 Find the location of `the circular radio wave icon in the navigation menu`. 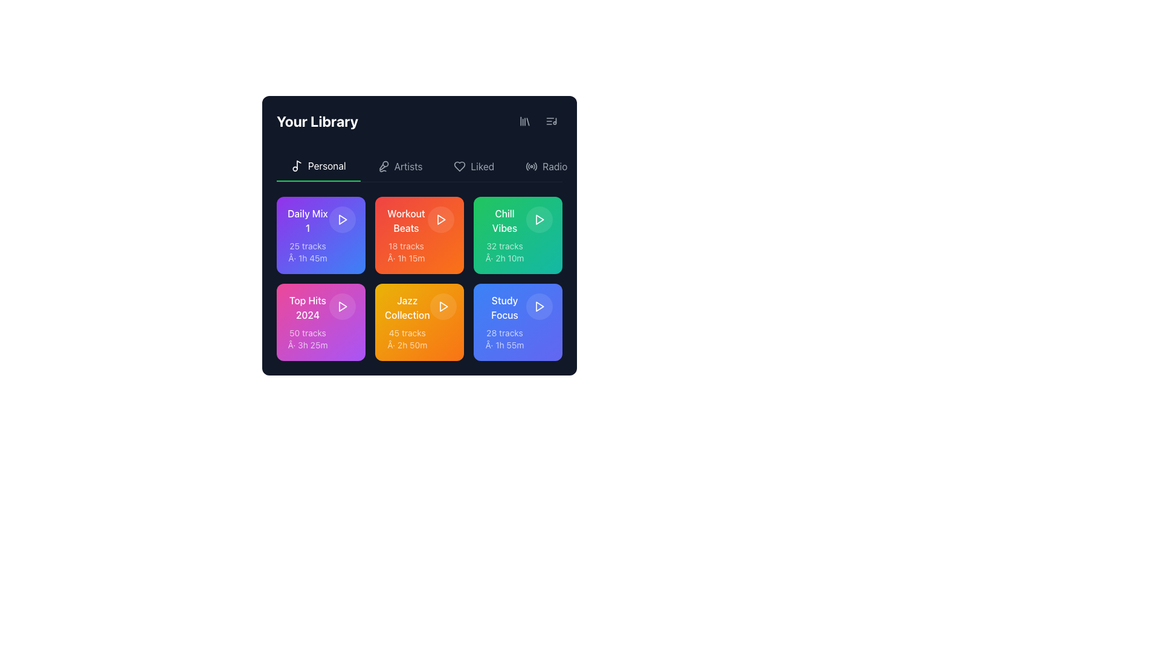

the circular radio wave icon in the navigation menu is located at coordinates (532, 167).